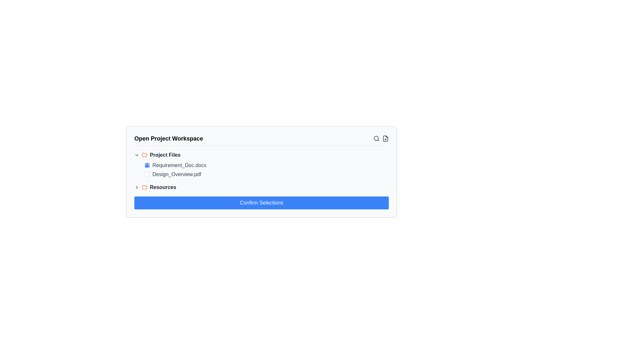 The height and width of the screenshot is (349, 620). I want to click on the folder icon located to the left of the 'Resources' label, indicating it represents a folder or directory, so click(144, 187).